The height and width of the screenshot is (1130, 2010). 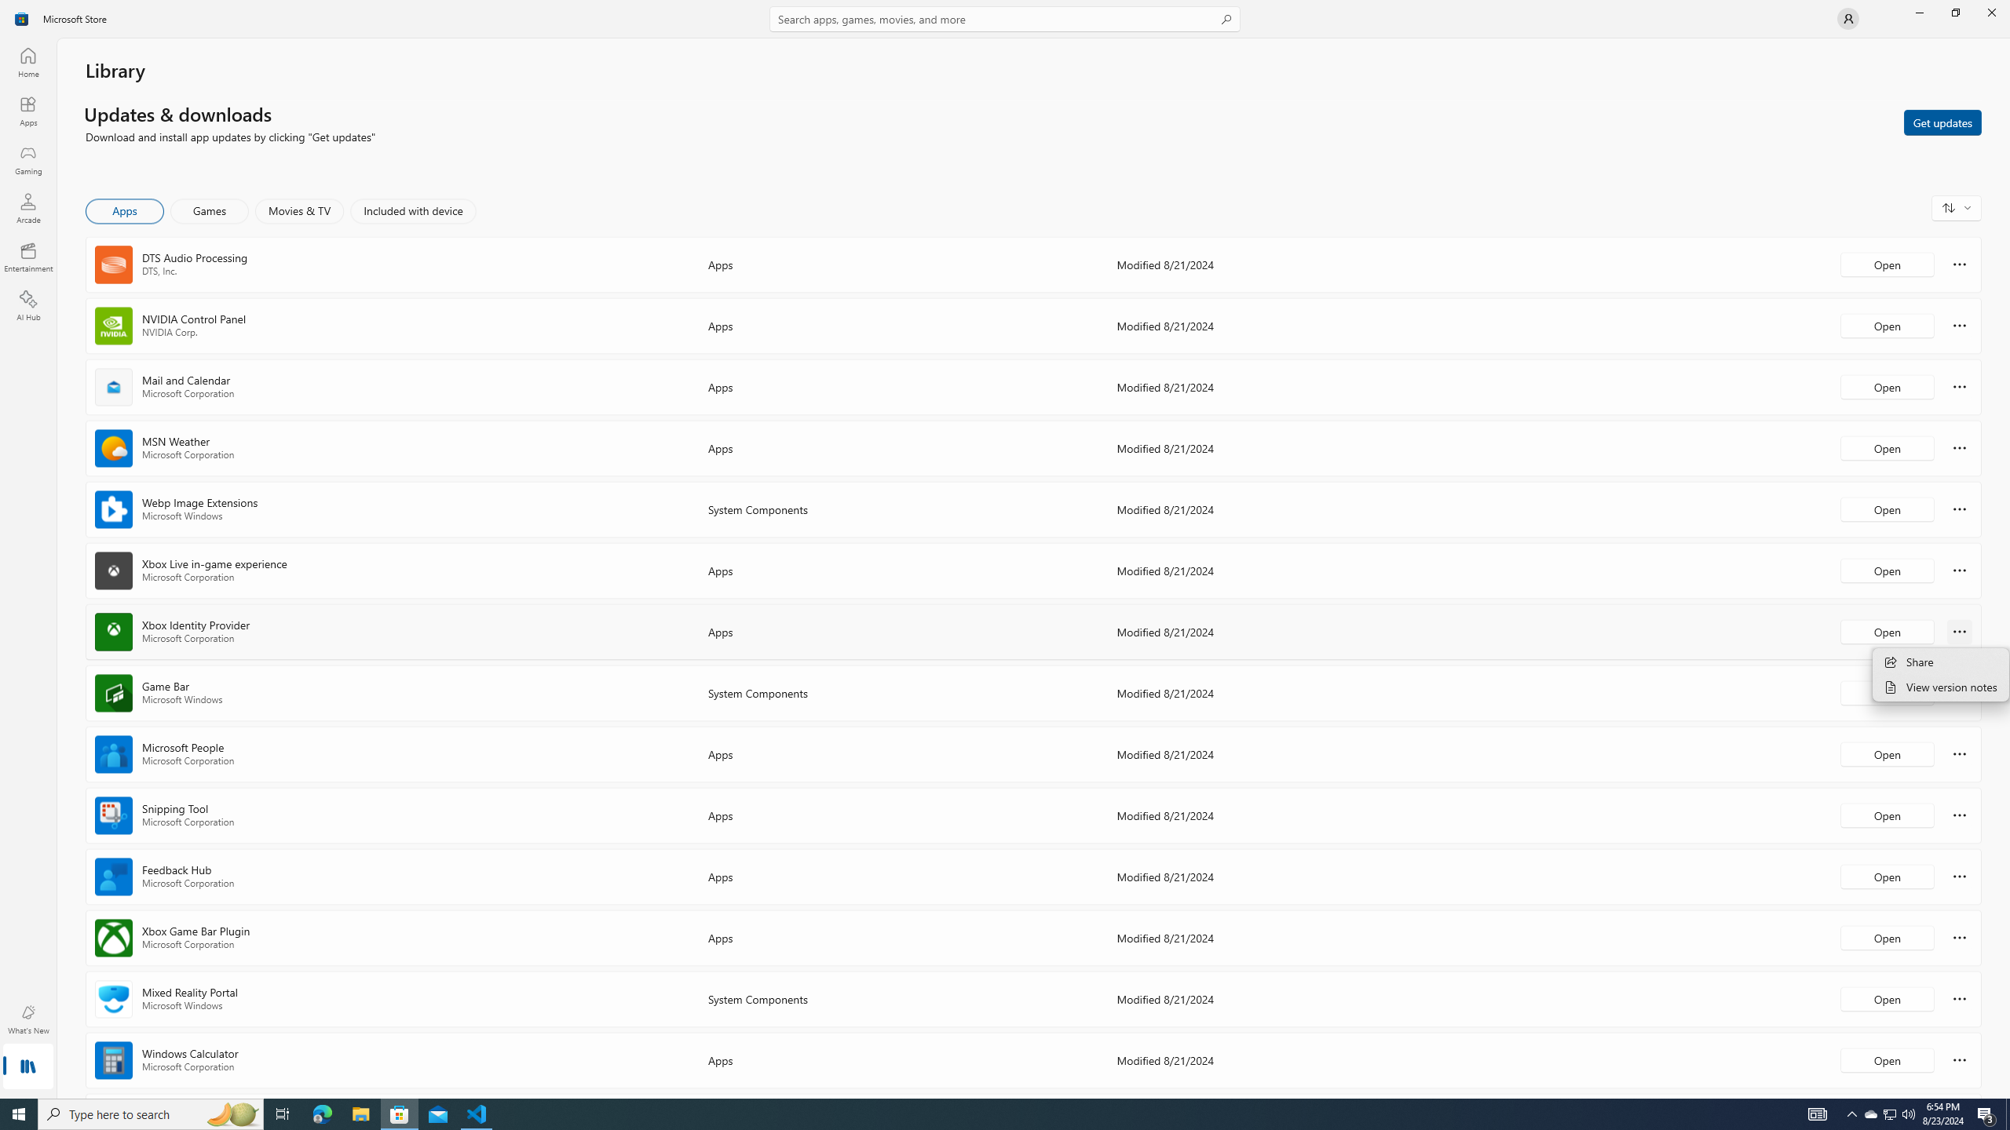 What do you see at coordinates (1847, 17) in the screenshot?
I see `'User profile'` at bounding box center [1847, 17].